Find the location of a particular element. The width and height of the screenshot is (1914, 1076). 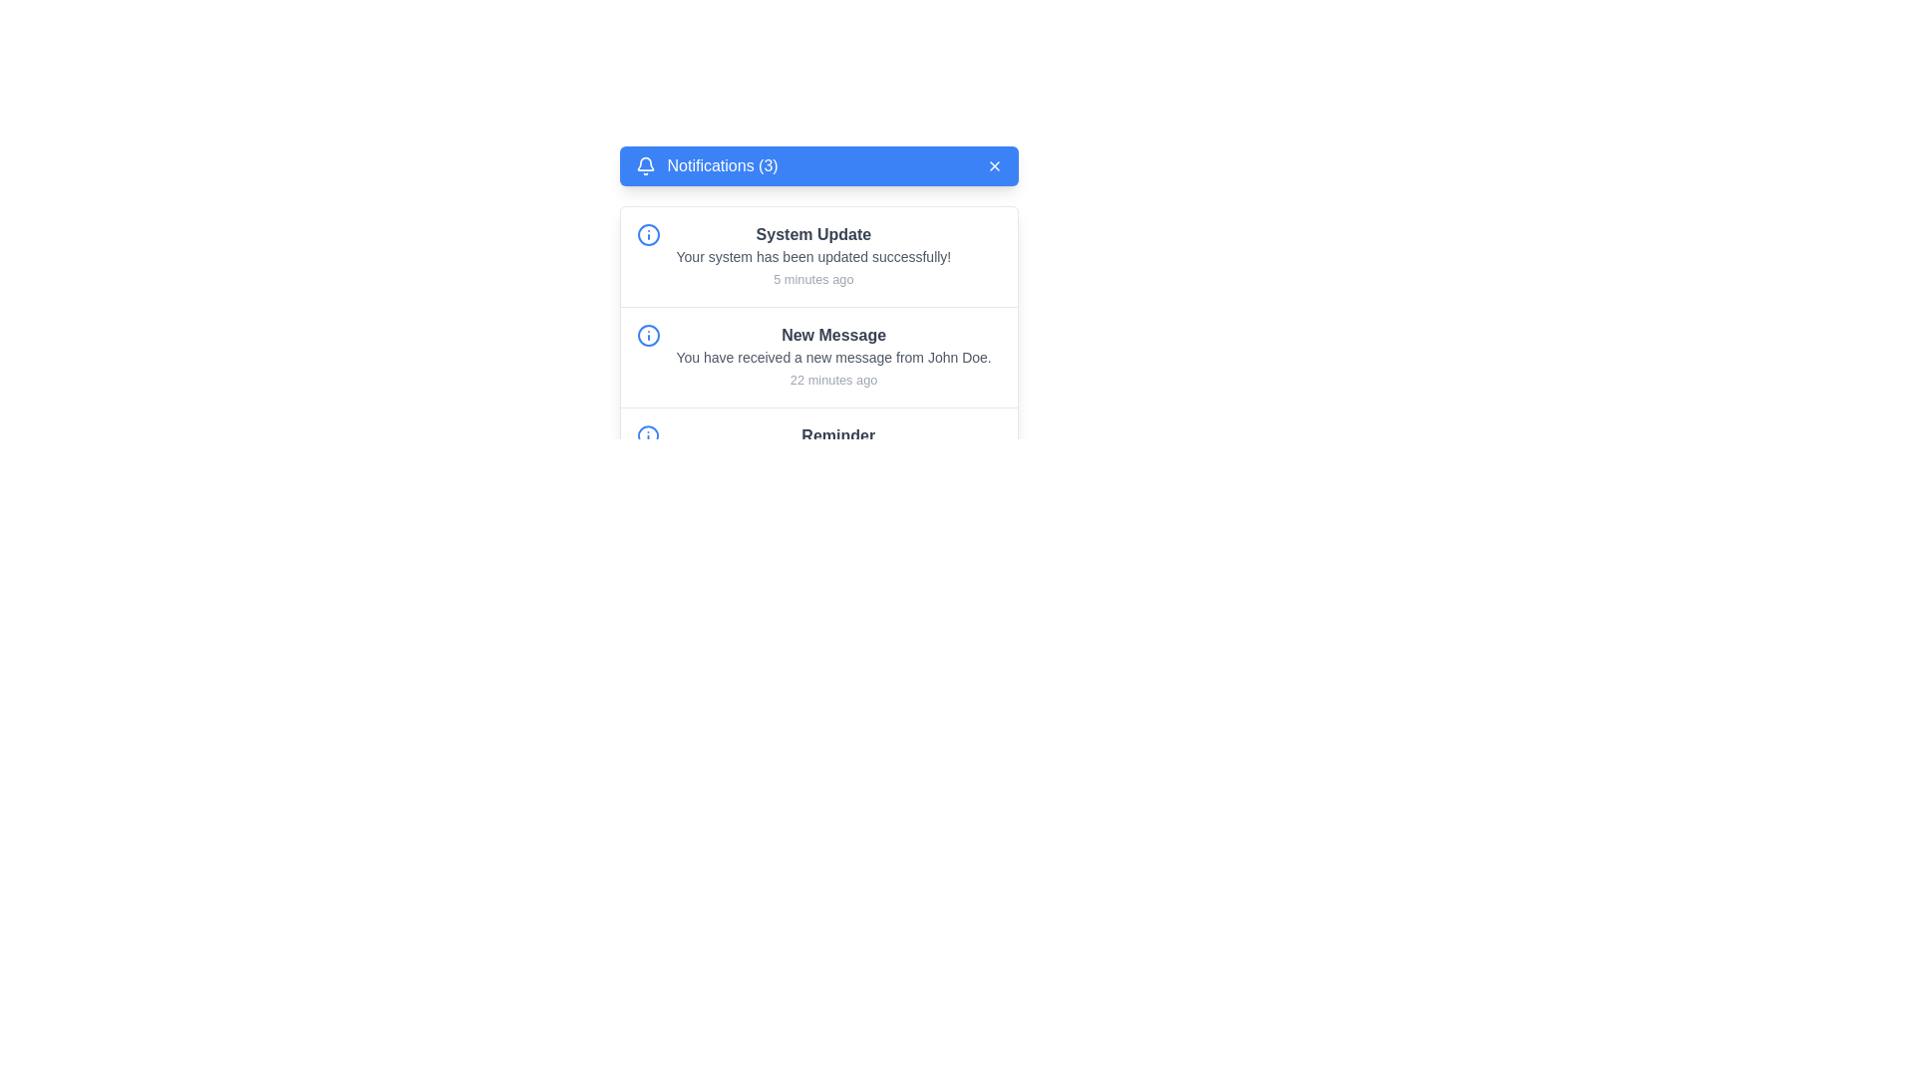

the text label that displays the message 'Your system has been updated successfully!', located below the header 'System Update' and above the timestamp '5 minutes ago' is located at coordinates (813, 256).